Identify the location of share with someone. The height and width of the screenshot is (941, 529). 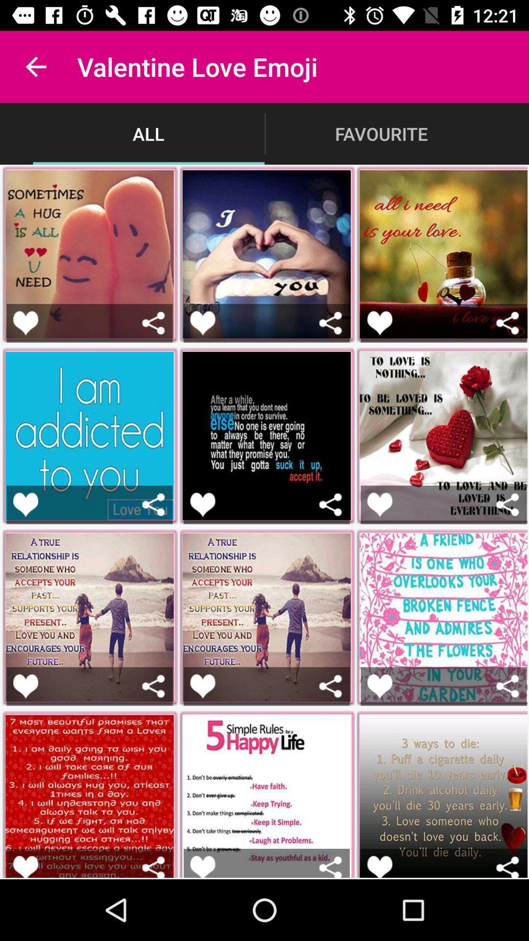
(153, 323).